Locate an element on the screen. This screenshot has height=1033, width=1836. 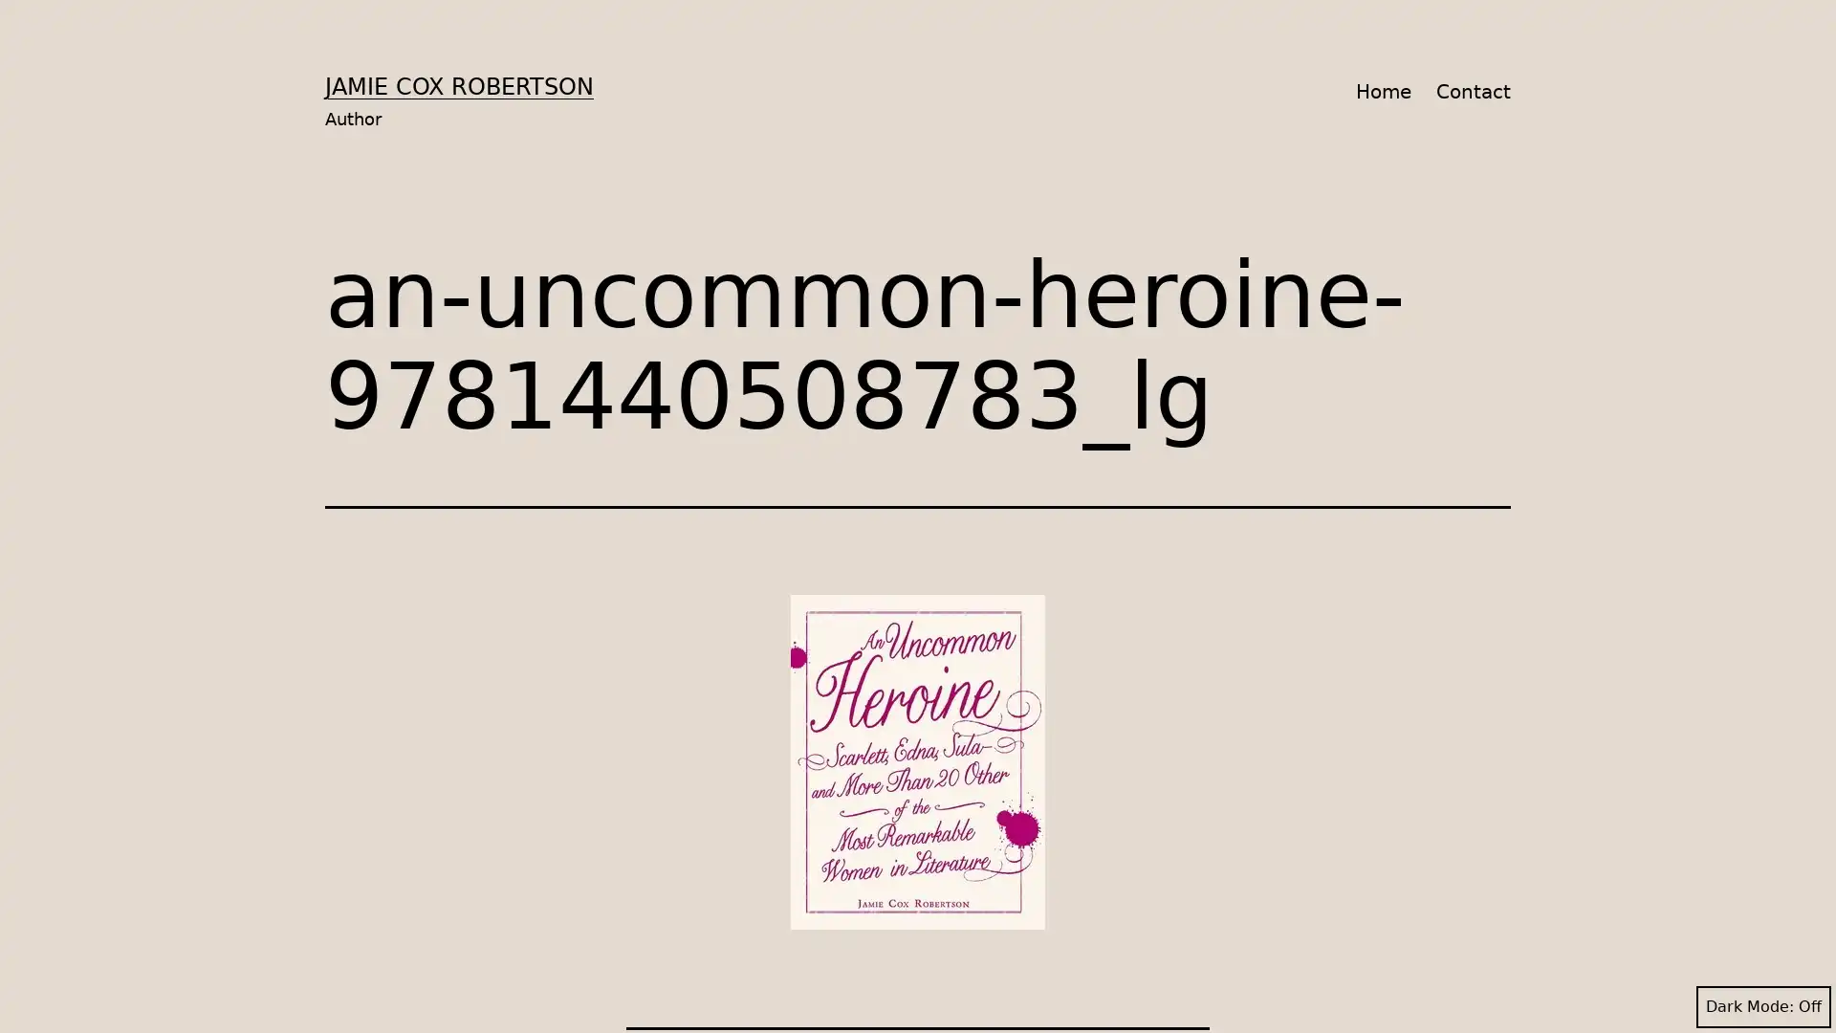
Dark Mode: is located at coordinates (1762, 1006).